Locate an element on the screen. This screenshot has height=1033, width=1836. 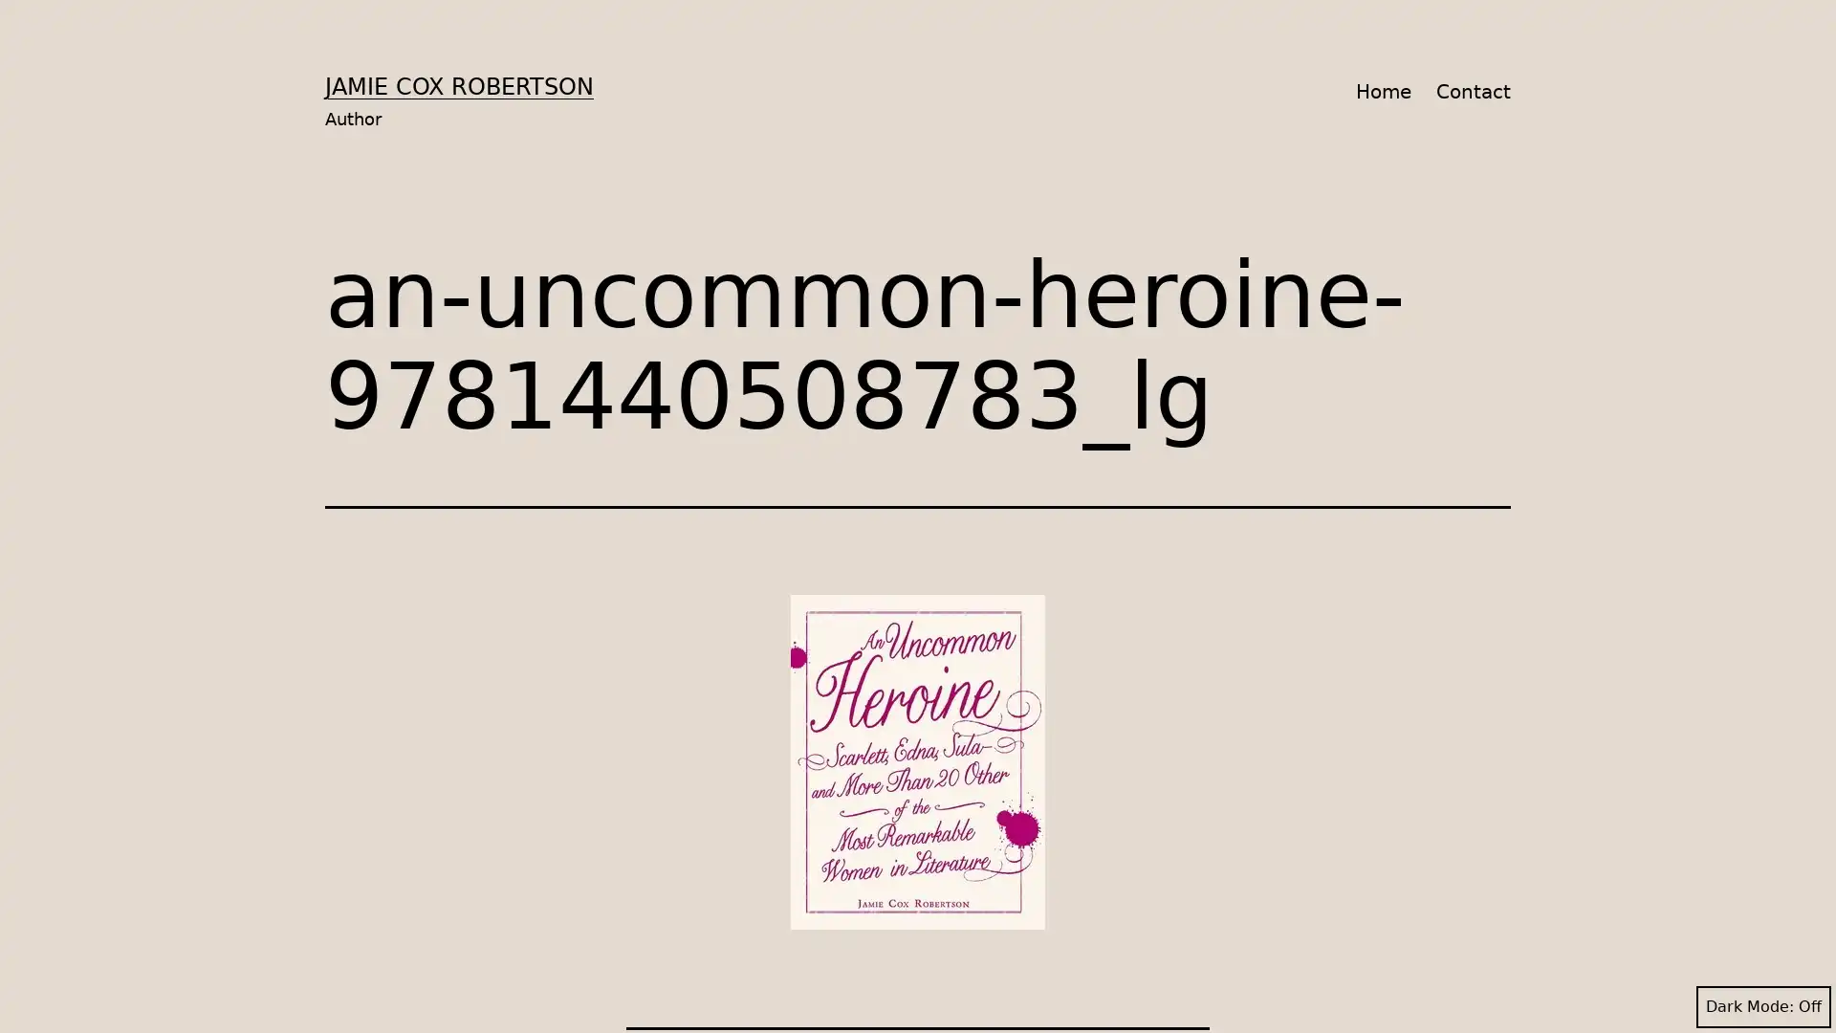
Dark Mode: is located at coordinates (1762, 1006).